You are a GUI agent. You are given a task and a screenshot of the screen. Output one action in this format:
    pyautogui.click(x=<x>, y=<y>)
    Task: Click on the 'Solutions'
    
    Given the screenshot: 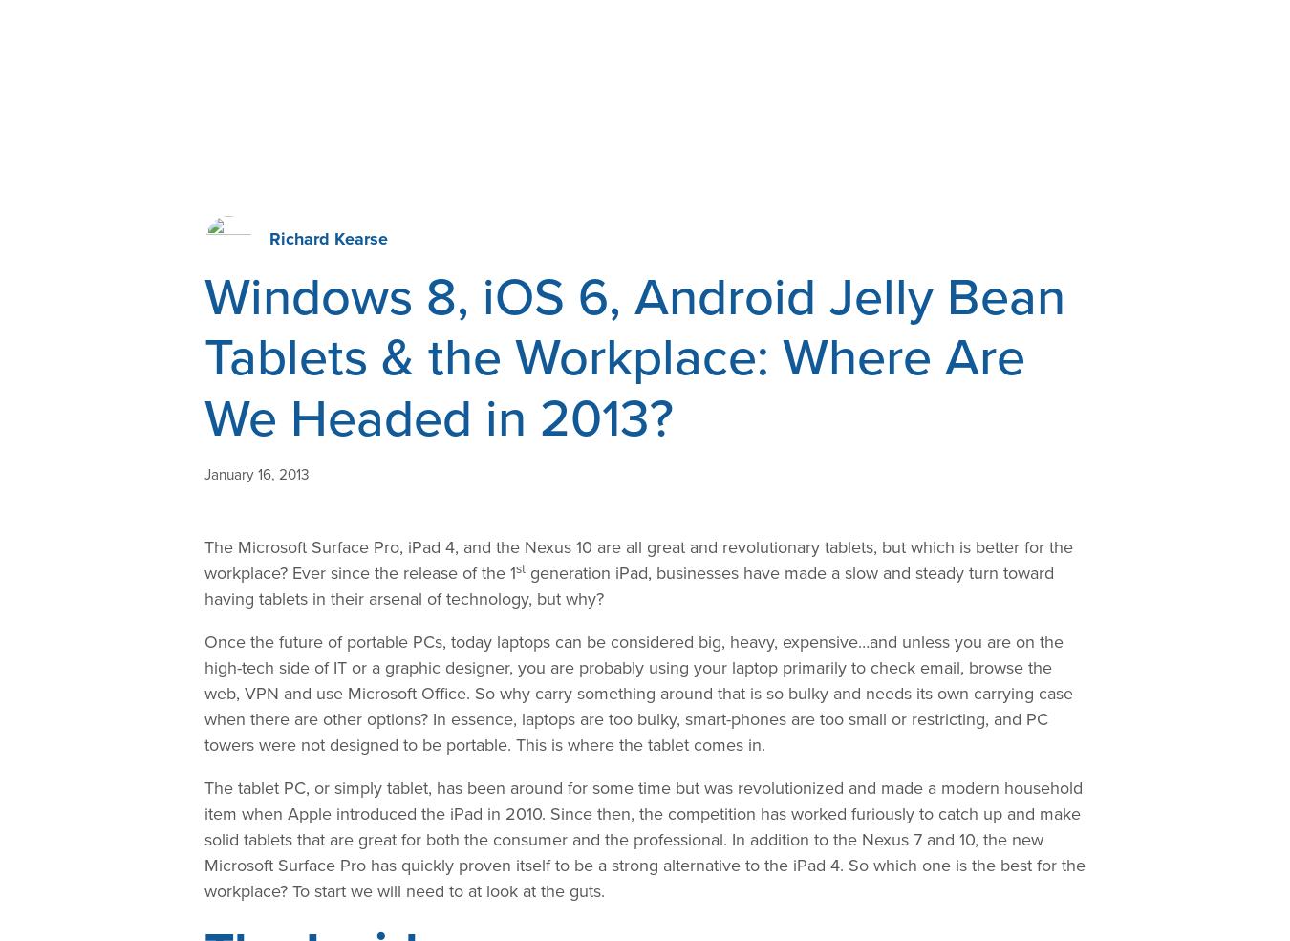 What is the action you would take?
    pyautogui.click(x=369, y=42)
    